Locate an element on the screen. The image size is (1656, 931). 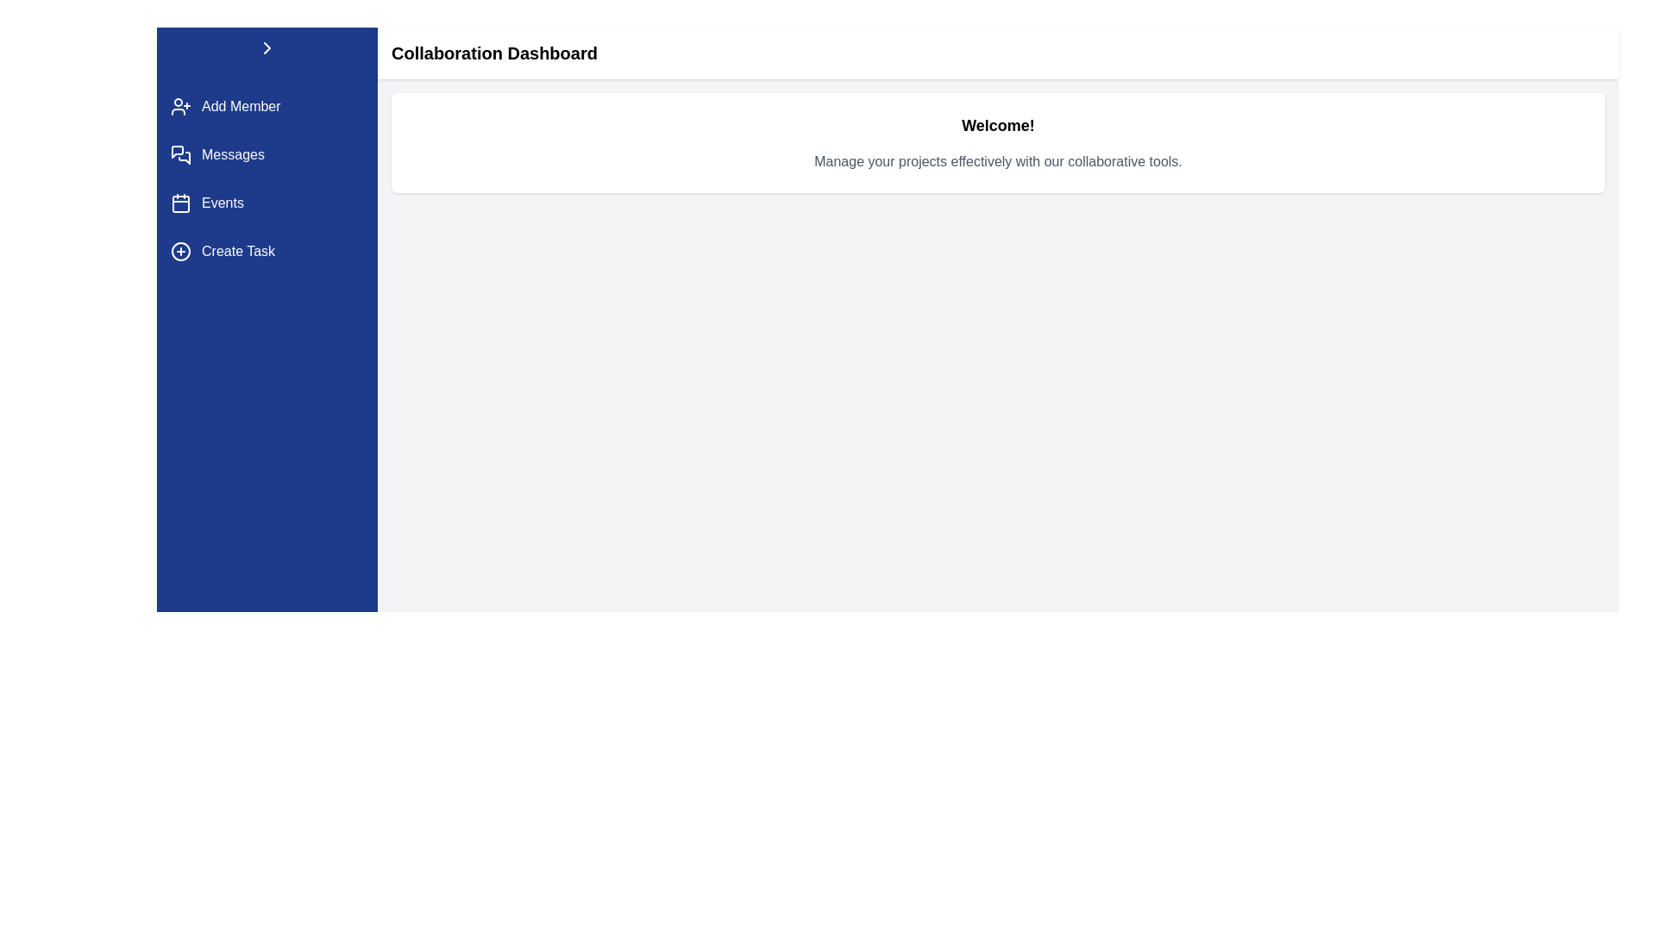
the 'Add Member' button in the sidebar is located at coordinates (267, 106).